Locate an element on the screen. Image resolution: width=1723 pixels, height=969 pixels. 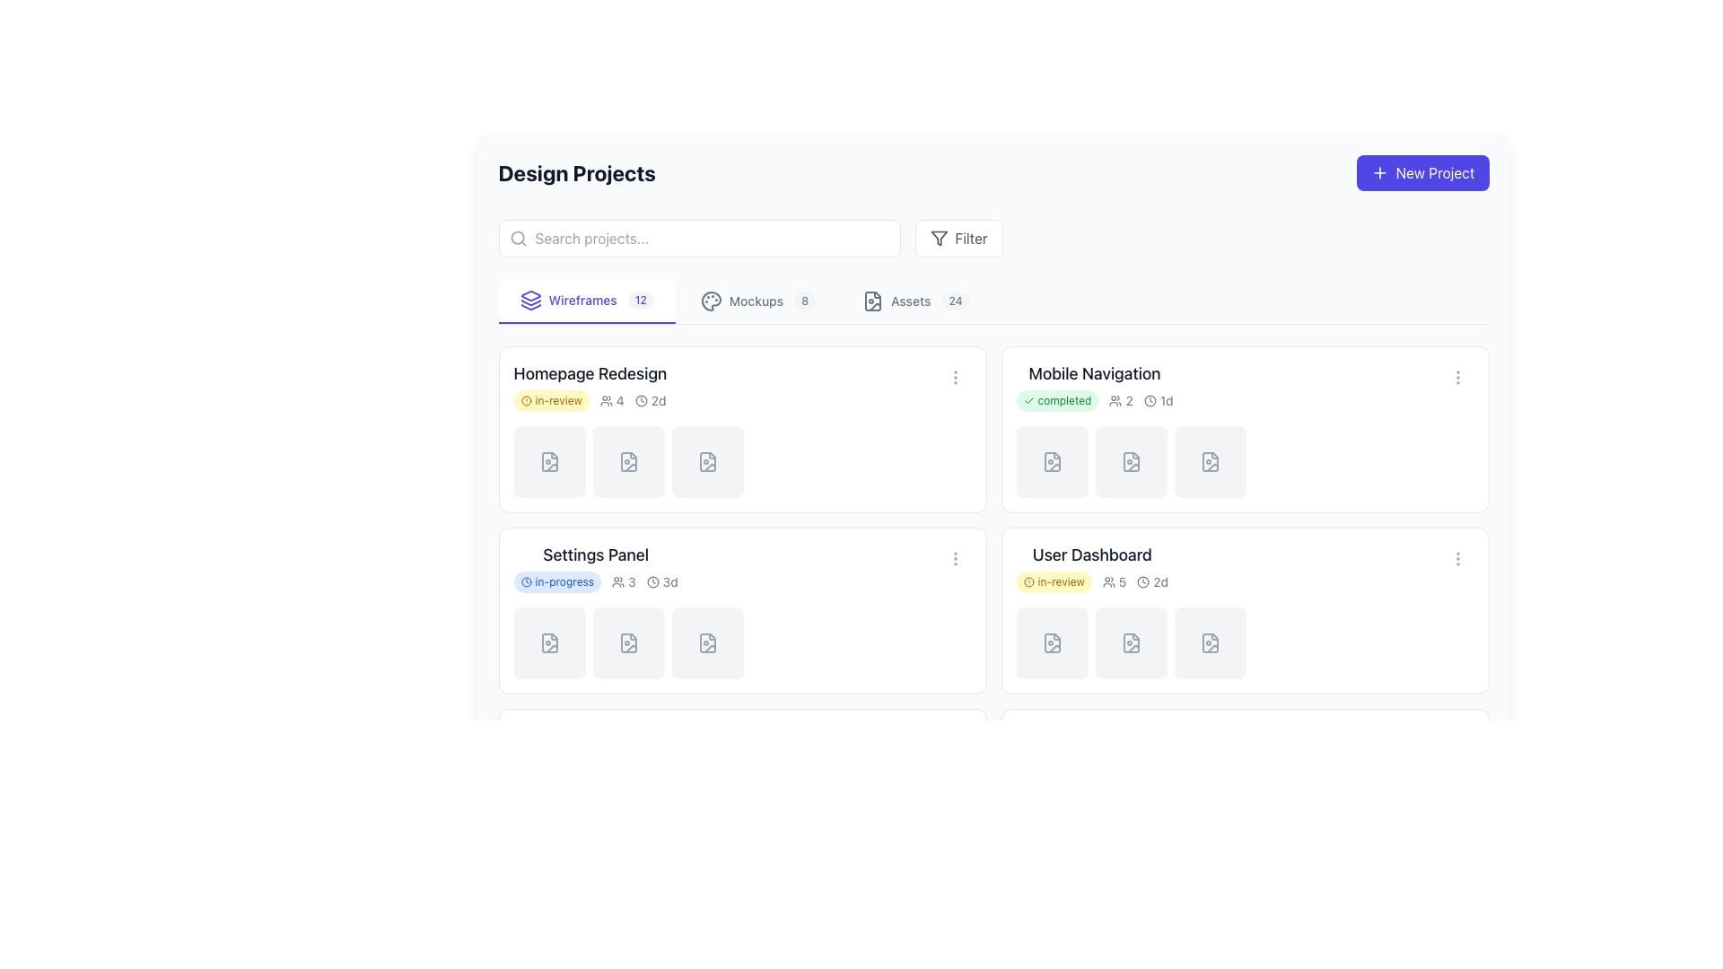
the icon representing a file or document related to the 'Mobile Navigation' project, which is located in the third position from the left in its row is located at coordinates (1130, 461).